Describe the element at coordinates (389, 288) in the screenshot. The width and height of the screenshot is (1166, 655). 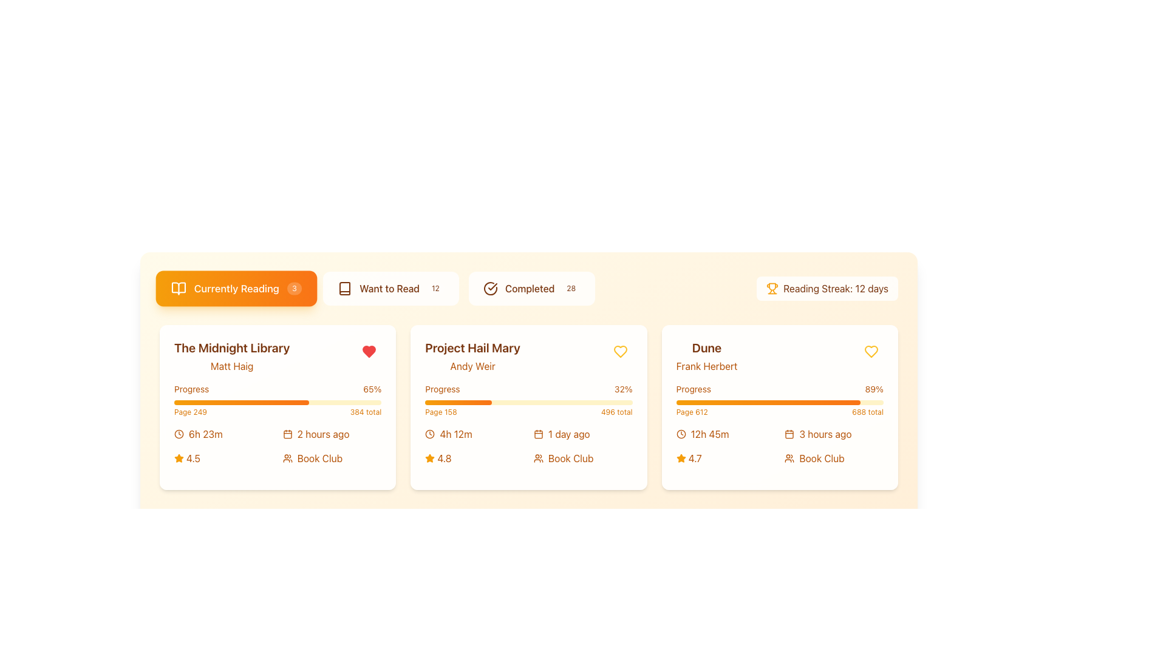
I see `the 'Want to Read' text label` at that location.